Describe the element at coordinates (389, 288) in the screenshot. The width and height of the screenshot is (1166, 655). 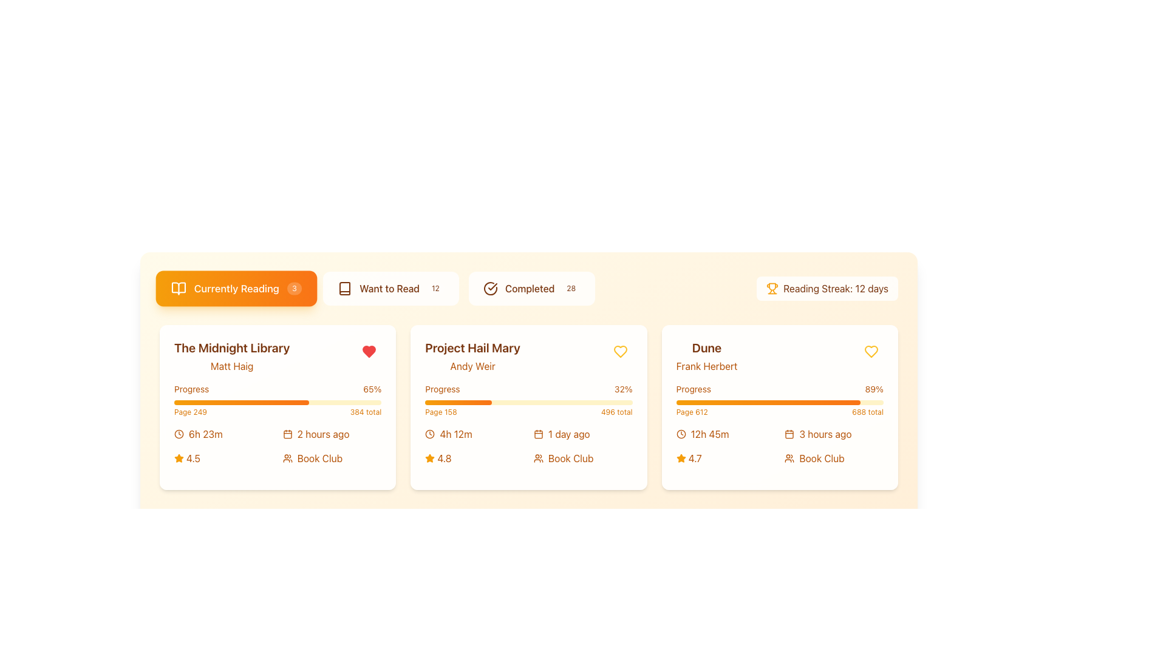
I see `the 'Want to Read' text label` at that location.